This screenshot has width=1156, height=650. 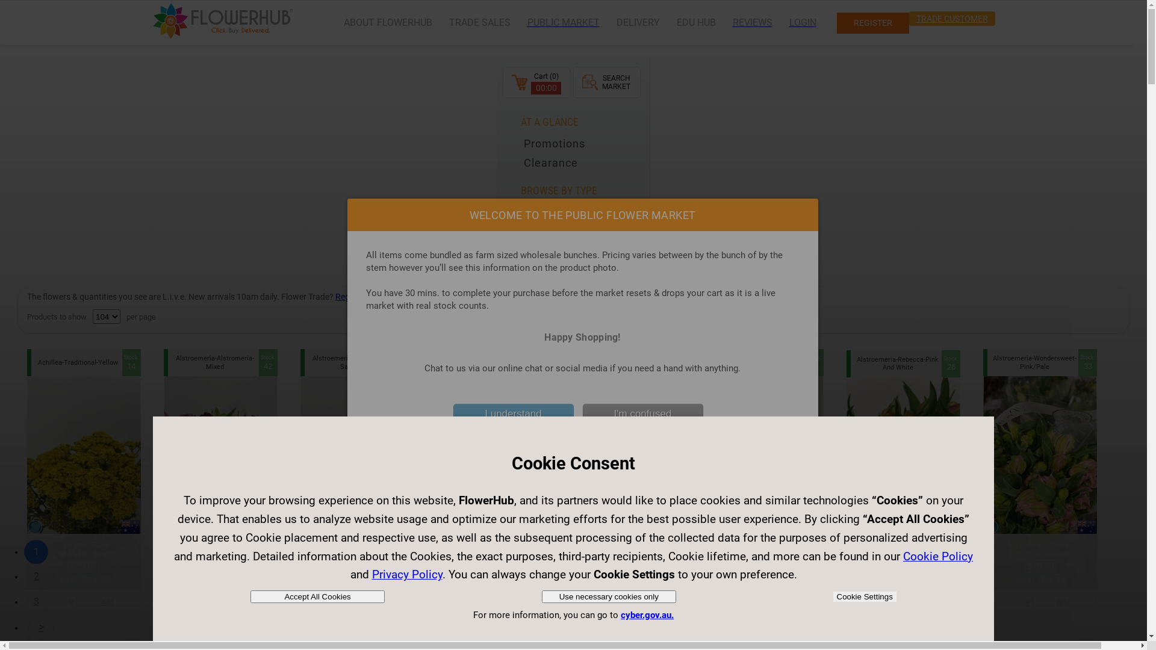 I want to click on 'Cart (0), so click(x=536, y=82).